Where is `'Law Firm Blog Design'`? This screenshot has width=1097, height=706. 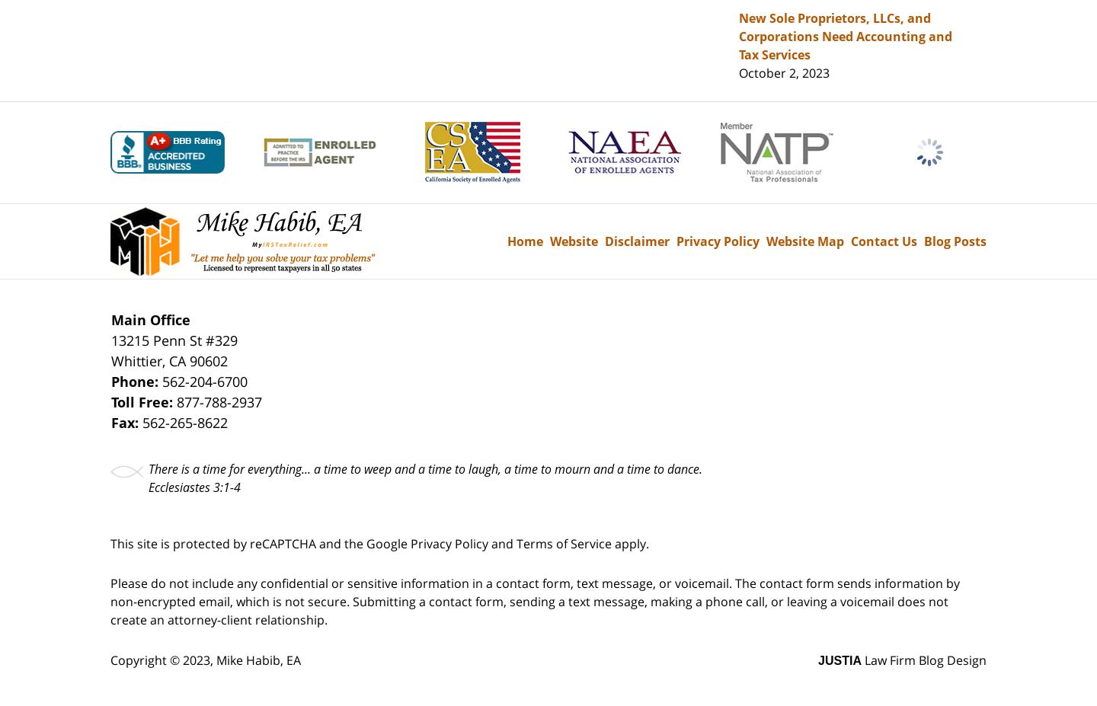 'Law Firm Blog Design' is located at coordinates (923, 660).